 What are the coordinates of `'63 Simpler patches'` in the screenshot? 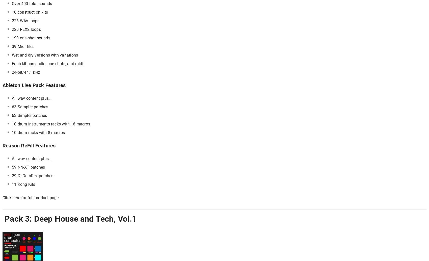 It's located at (29, 115).